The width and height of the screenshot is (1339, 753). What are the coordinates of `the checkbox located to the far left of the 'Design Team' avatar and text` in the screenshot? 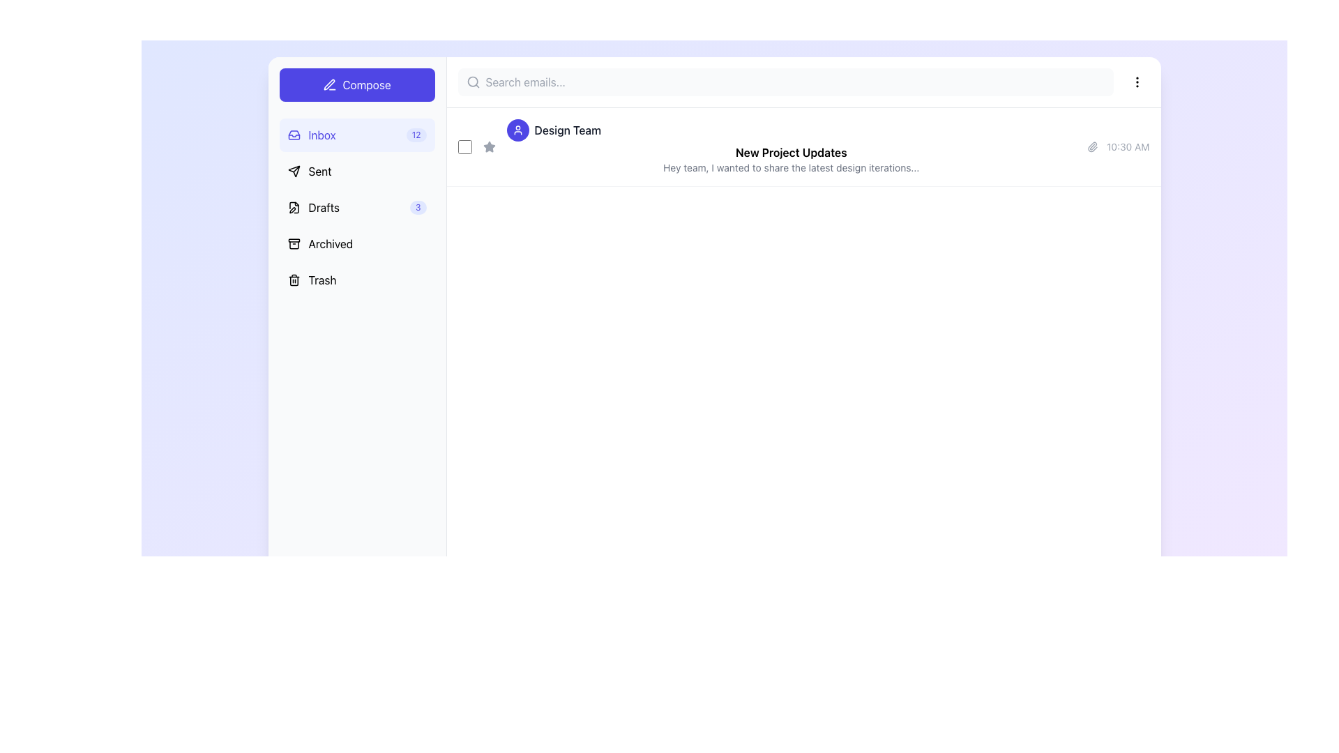 It's located at (464, 147).